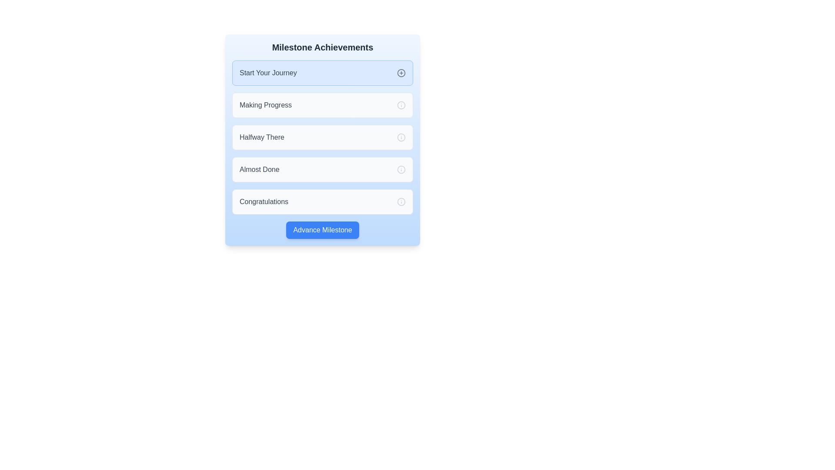 The image size is (835, 470). Describe the element at coordinates (322, 139) in the screenshot. I see `the milestone item labeled 'Halfway There' in the 'Milestone Achievements' section` at that location.